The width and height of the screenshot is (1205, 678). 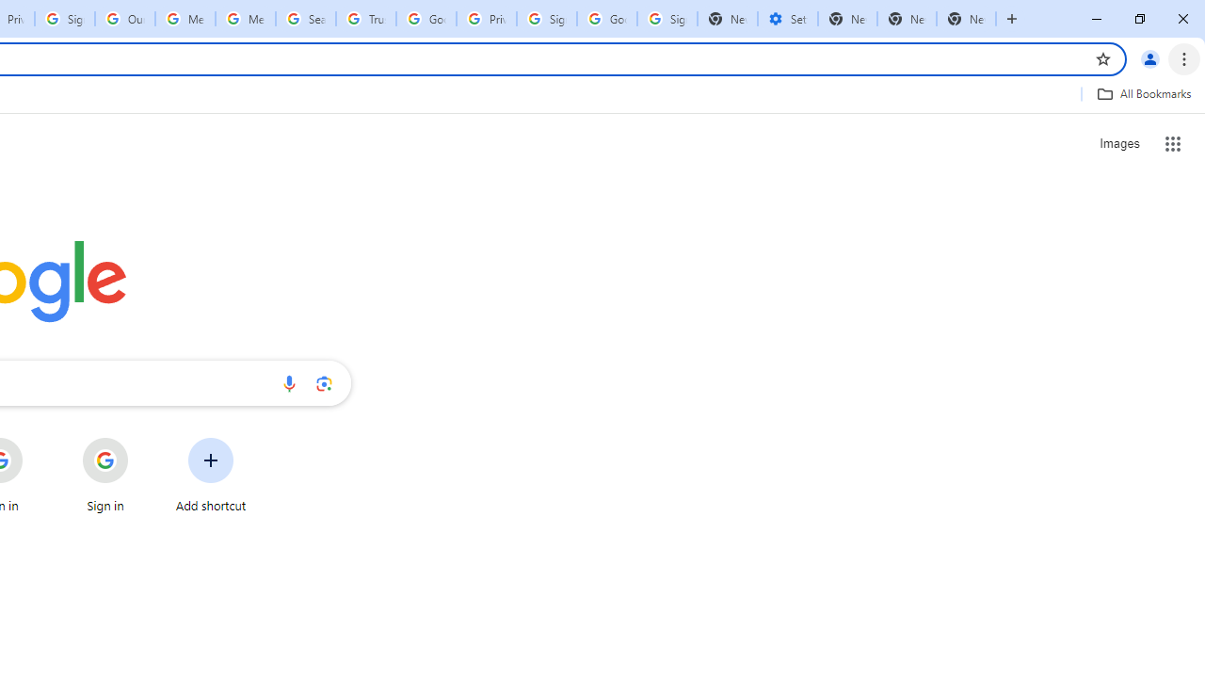 I want to click on 'Search by image', so click(x=324, y=382).